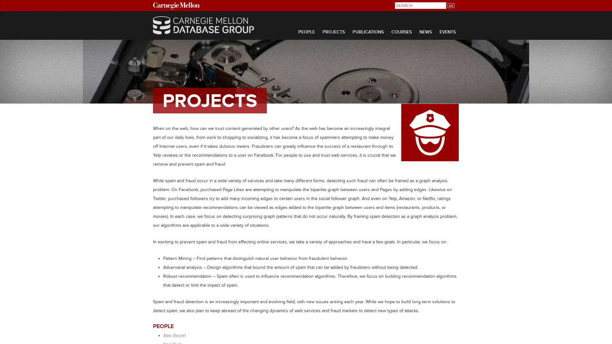 This screenshot has height=344, width=612. What do you see at coordinates (450, 5) in the screenshot?
I see `Go` at bounding box center [450, 5].